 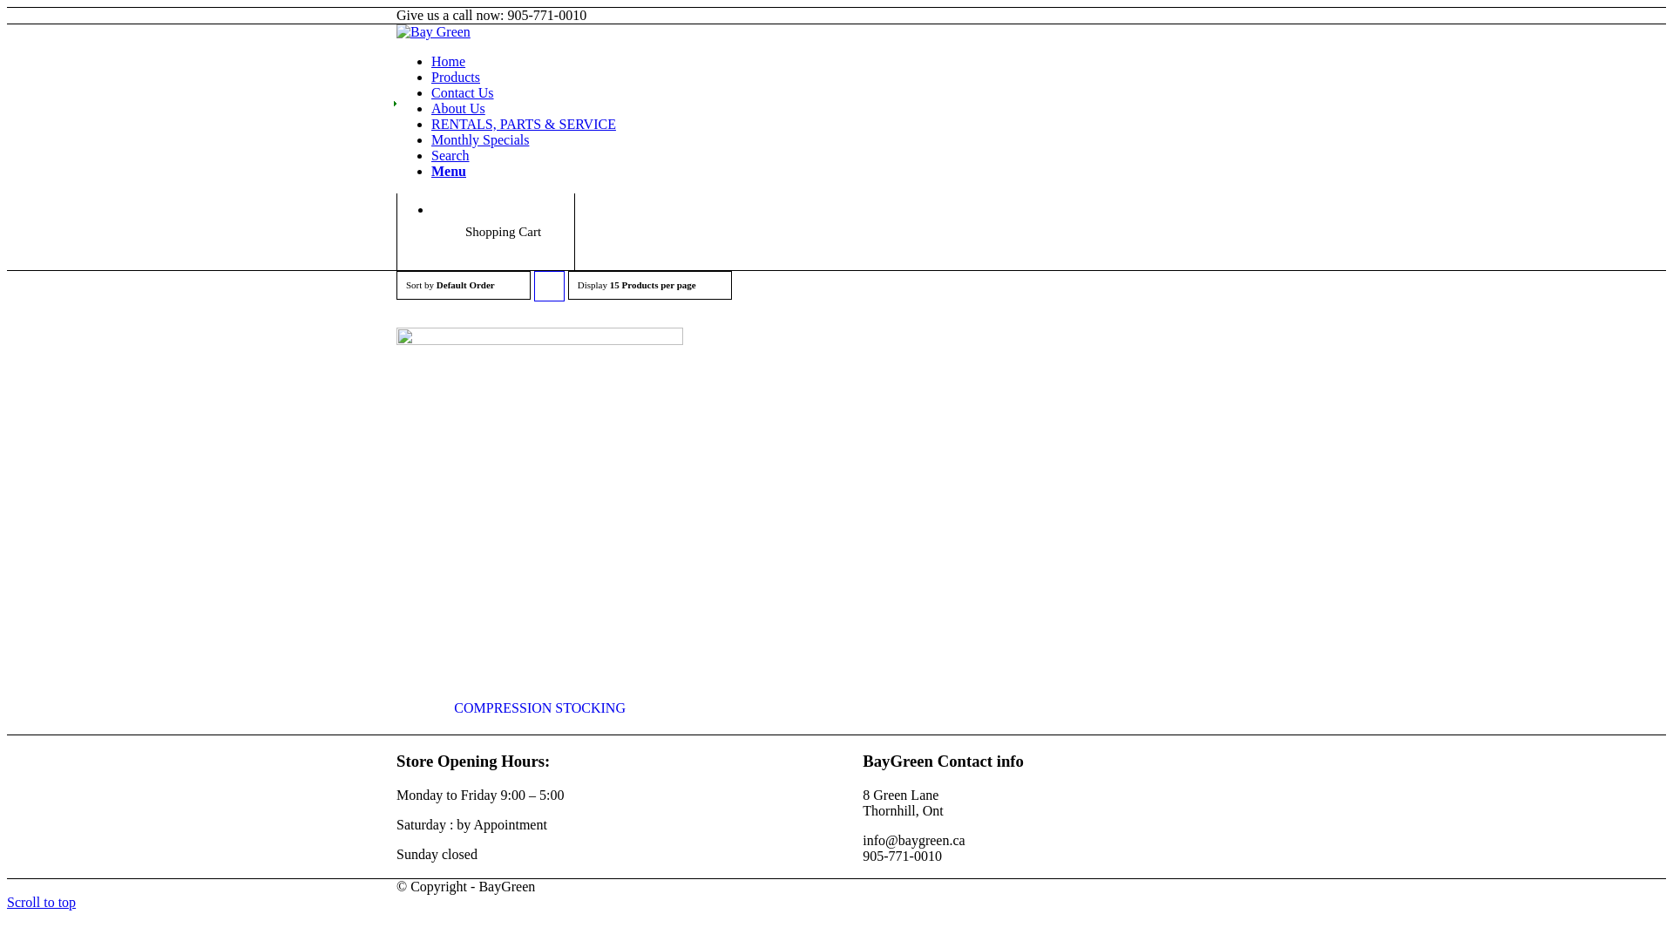 I want to click on 'Products', so click(x=456, y=76).